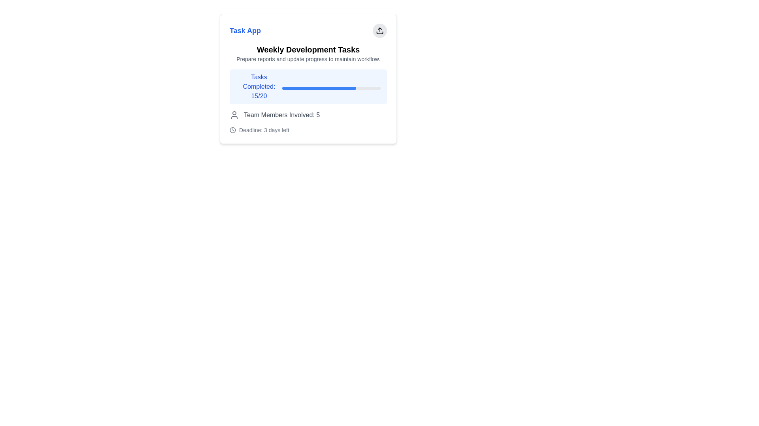 This screenshot has width=759, height=426. I want to click on text element displaying 'Tasks Completed: 15/20', which is in a blue, bold font, to understand the task completion status, so click(259, 86).